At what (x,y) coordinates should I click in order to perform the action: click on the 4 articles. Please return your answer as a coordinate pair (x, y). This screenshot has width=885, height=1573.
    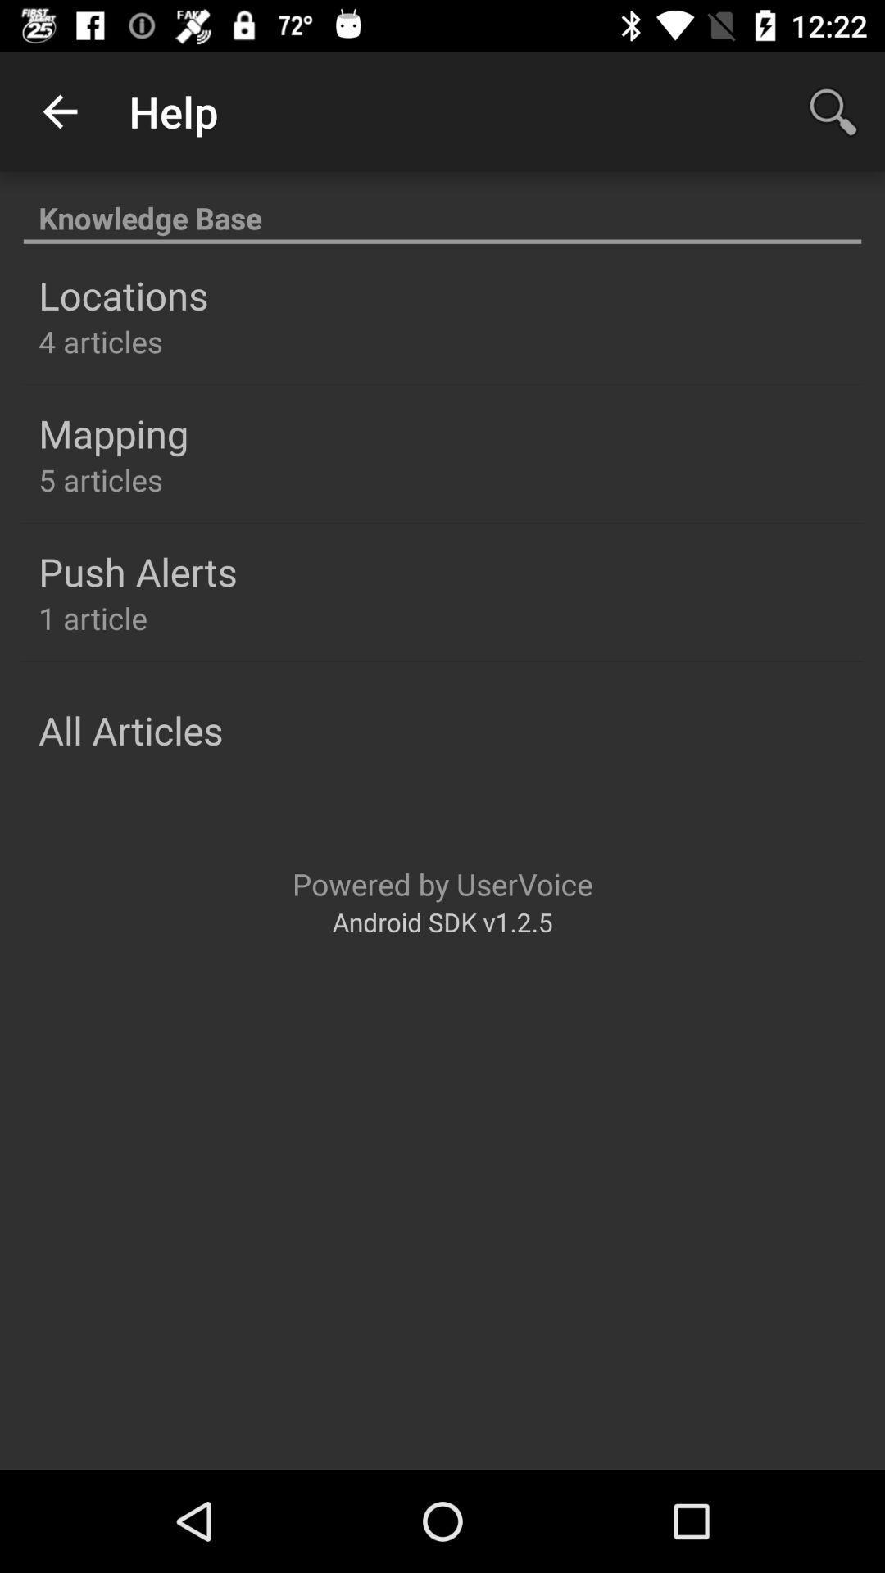
    Looking at the image, I should click on (101, 341).